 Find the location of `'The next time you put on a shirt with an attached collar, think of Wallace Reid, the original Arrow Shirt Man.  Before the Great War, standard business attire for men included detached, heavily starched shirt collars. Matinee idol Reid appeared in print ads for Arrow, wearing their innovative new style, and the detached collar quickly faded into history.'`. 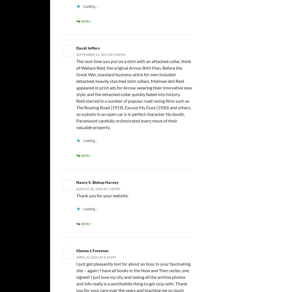

'The next time you put on a shirt with an attached collar, think of Wallace Reid, the original Arrow Shirt Man.  Before the Great War, standard business attire for men included detached, heavily starched shirt collars. Matinee idol Reid appeared in print ads for Arrow, wearing their innovative new style, and the detached collar quickly faded into history.' is located at coordinates (134, 77).